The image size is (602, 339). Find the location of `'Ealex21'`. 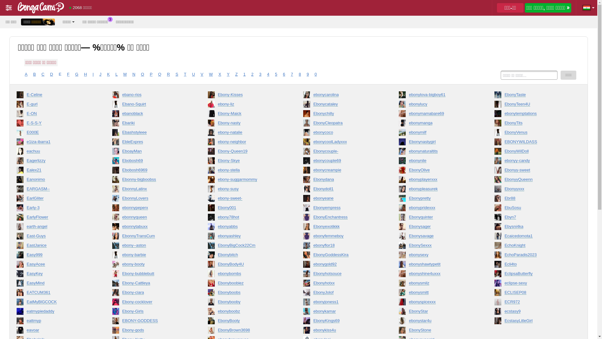

'Ealex21' is located at coordinates (16, 171).